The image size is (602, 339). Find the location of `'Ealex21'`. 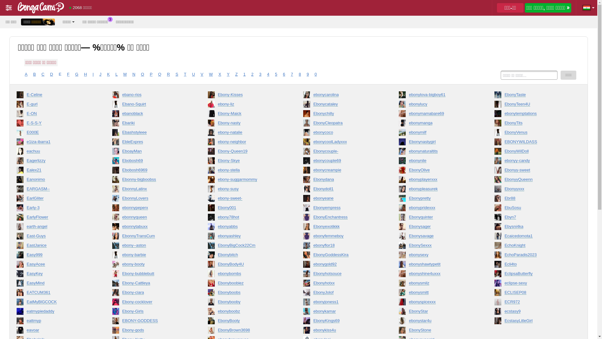

'Ealex21' is located at coordinates (16, 171).